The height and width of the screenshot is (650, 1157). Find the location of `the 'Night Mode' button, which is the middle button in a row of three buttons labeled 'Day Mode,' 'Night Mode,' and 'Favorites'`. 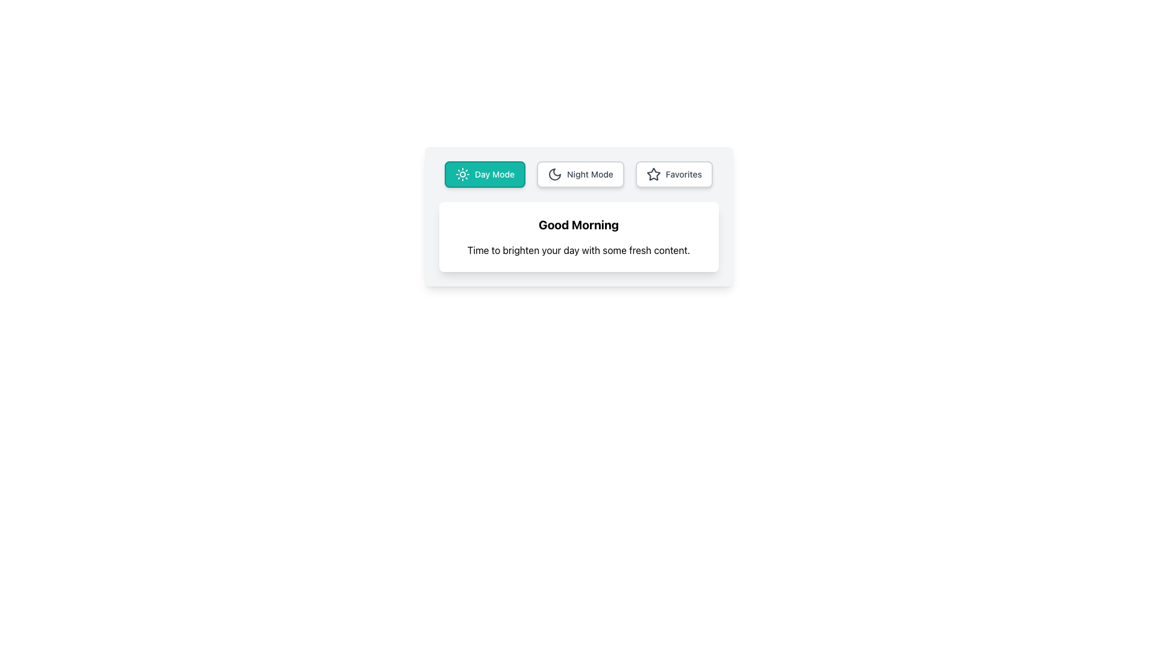

the 'Night Mode' button, which is the middle button in a row of three buttons labeled 'Day Mode,' 'Night Mode,' and 'Favorites' is located at coordinates (578, 174).